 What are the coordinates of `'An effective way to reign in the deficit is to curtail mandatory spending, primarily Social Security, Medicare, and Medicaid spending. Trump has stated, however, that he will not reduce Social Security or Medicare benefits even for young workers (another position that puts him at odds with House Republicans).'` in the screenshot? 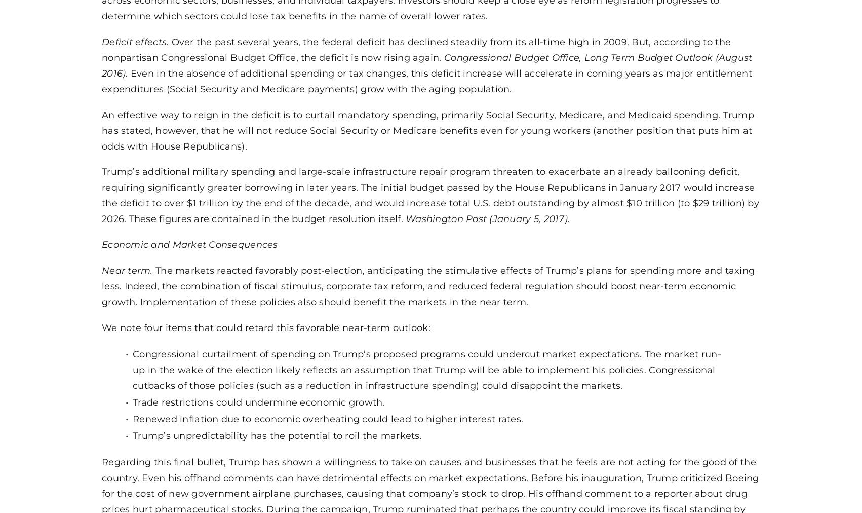 It's located at (427, 129).